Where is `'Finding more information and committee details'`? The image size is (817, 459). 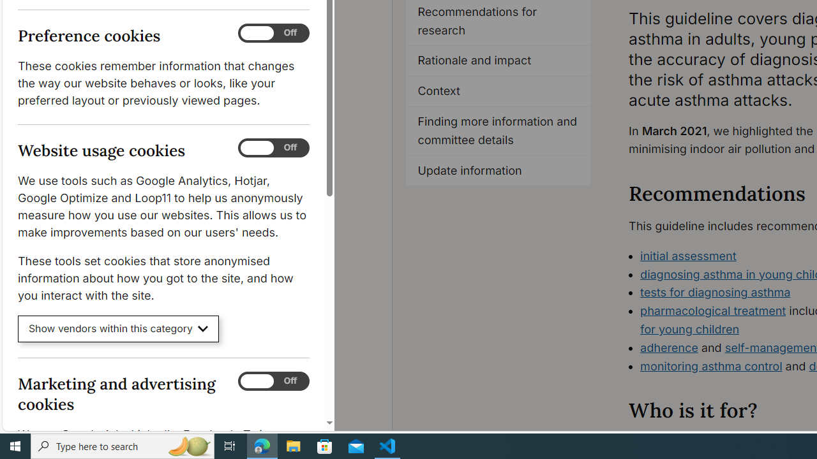 'Finding more information and committee details' is located at coordinates (497, 131).